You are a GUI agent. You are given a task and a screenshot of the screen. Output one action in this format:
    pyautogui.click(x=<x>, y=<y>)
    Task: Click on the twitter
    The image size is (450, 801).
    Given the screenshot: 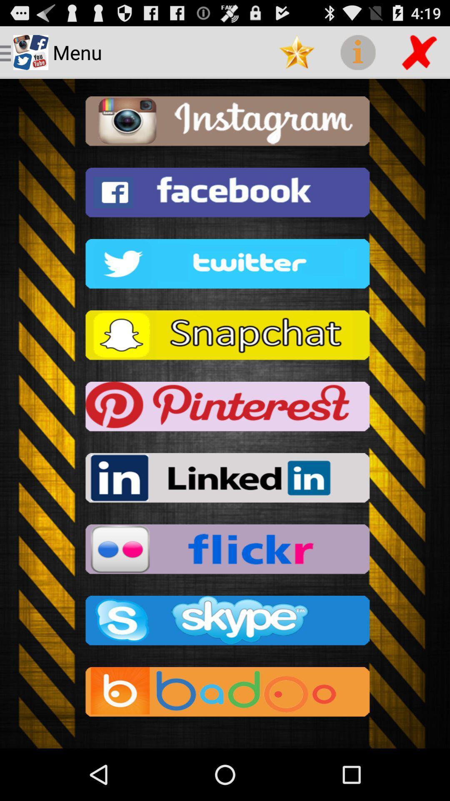 What is the action you would take?
    pyautogui.click(x=225, y=266)
    